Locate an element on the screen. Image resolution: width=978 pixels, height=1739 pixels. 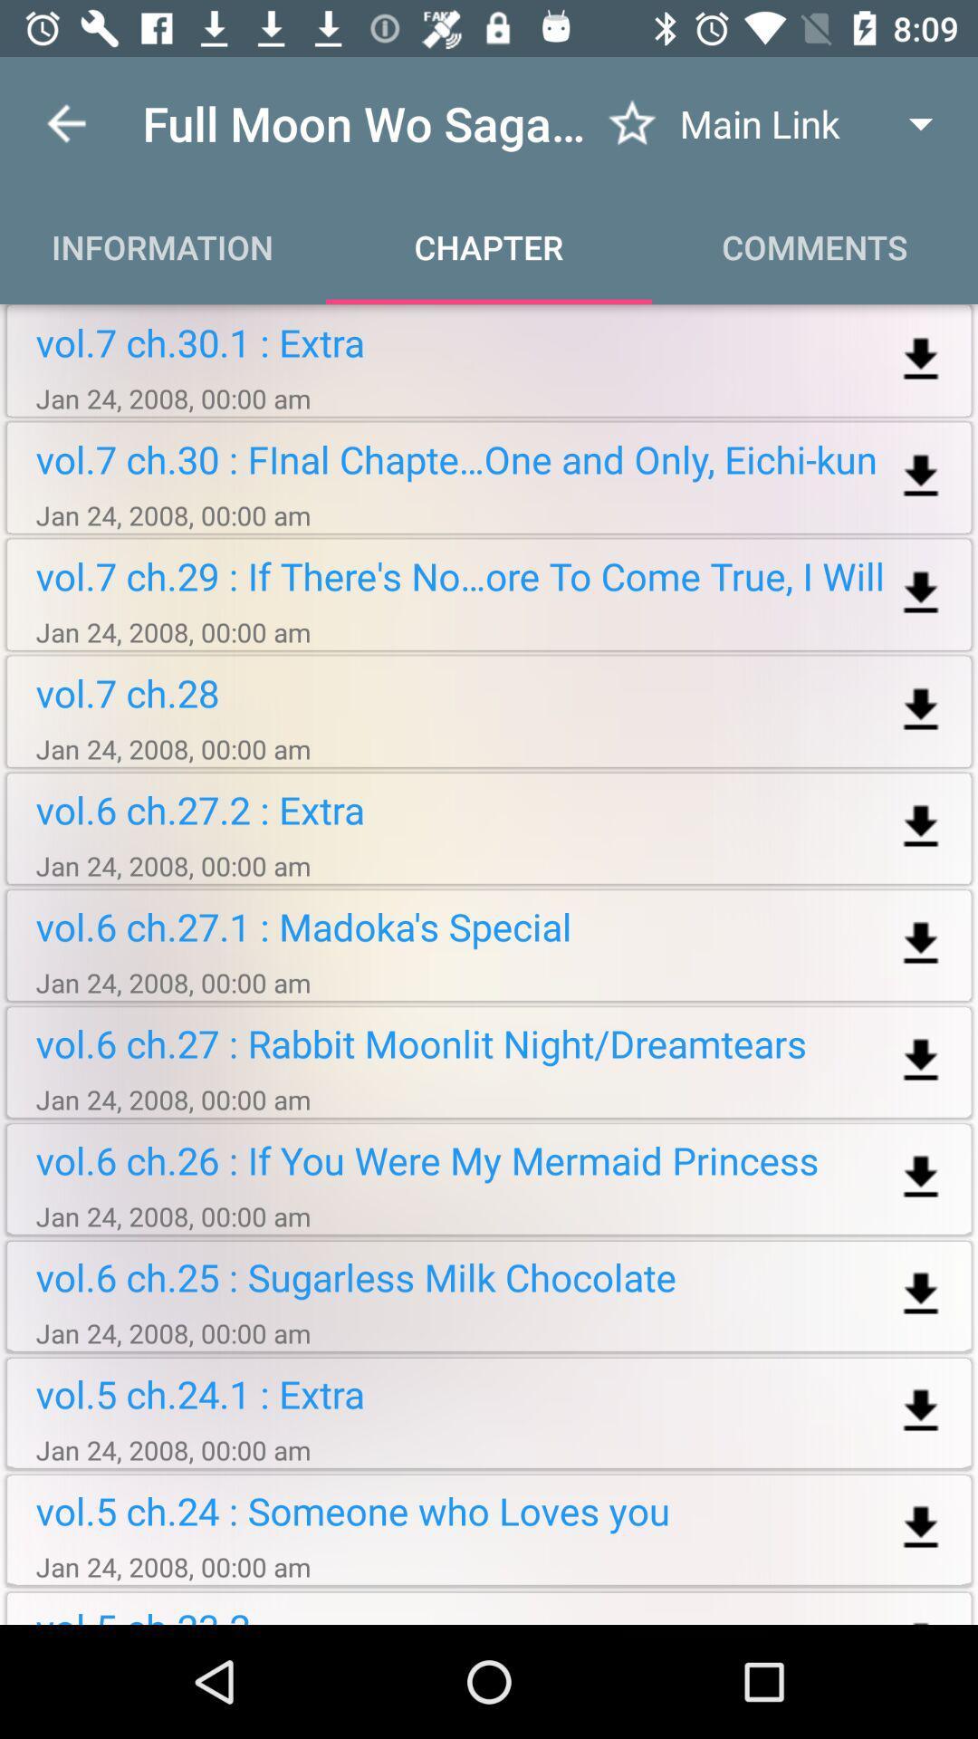
downloads the track is located at coordinates (921, 1061).